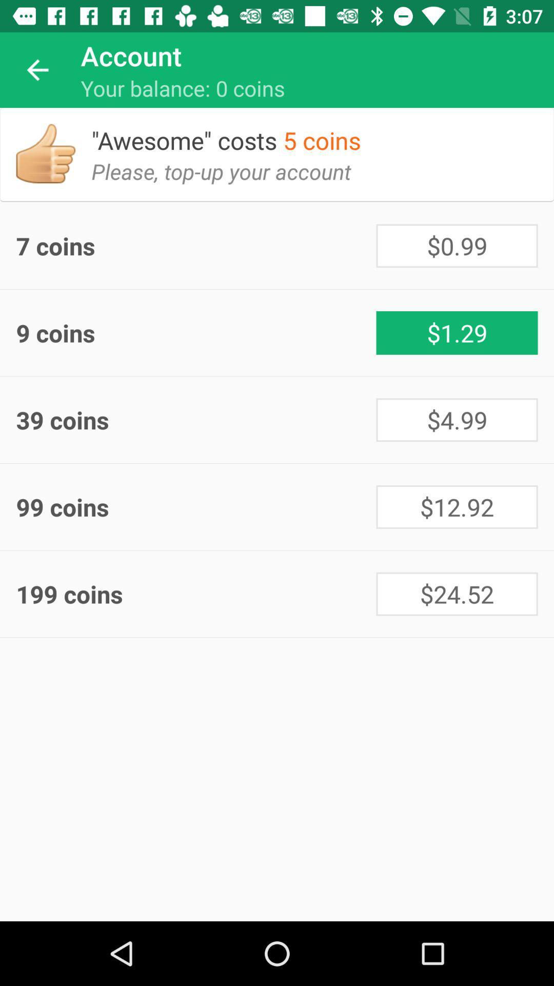  I want to click on item next to $1.29, so click(196, 333).